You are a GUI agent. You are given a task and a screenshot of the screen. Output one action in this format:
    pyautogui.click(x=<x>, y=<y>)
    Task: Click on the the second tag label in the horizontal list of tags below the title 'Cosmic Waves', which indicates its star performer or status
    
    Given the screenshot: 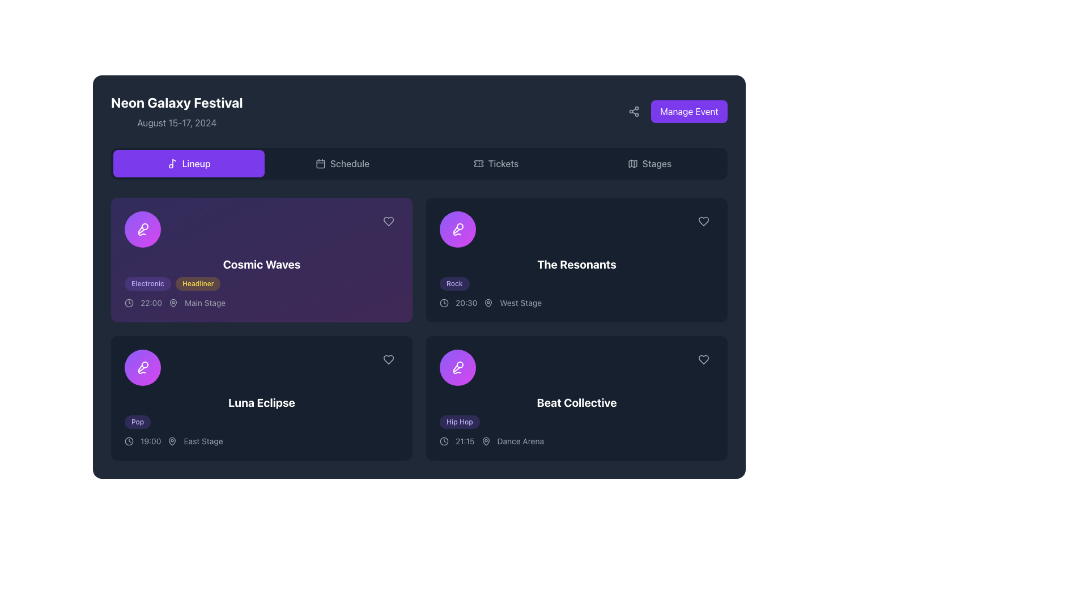 What is the action you would take?
    pyautogui.click(x=198, y=283)
    